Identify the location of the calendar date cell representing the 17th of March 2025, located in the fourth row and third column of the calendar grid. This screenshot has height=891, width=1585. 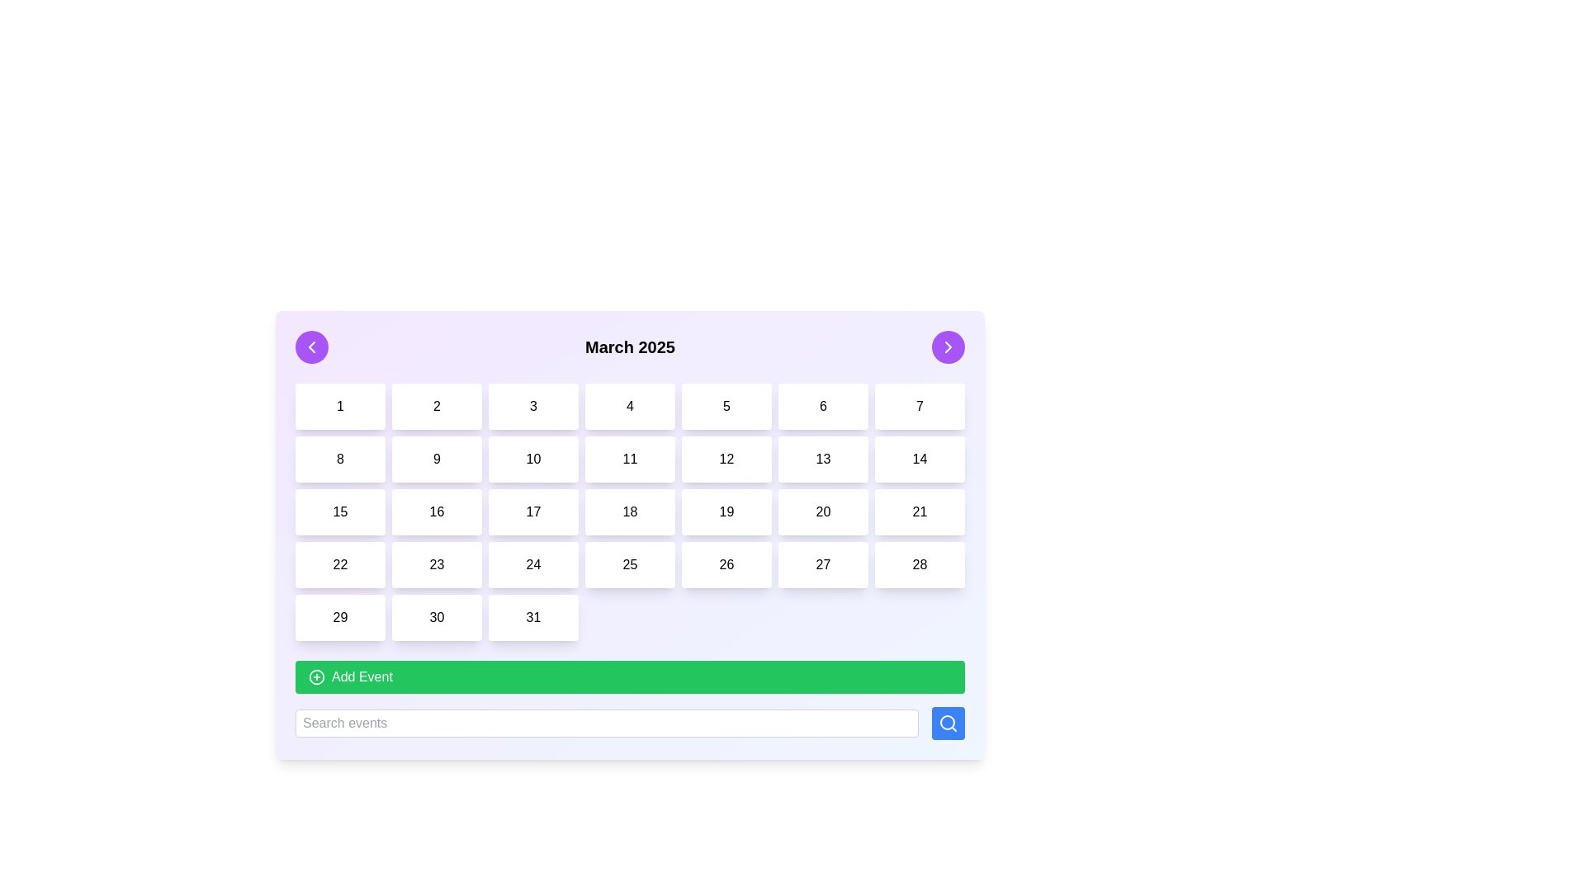
(533, 511).